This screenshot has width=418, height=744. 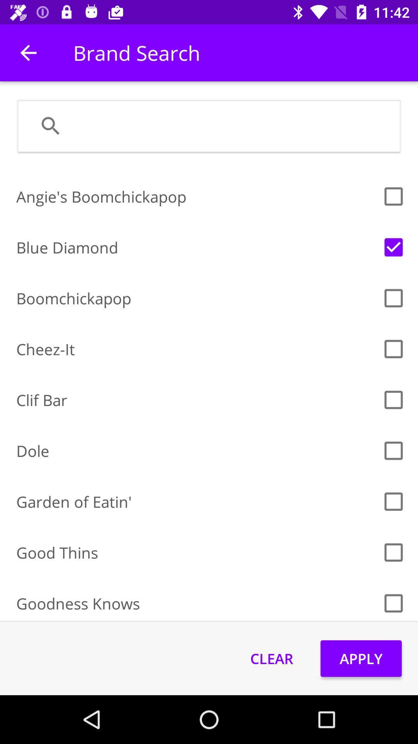 I want to click on the blue diamond, so click(x=196, y=247).